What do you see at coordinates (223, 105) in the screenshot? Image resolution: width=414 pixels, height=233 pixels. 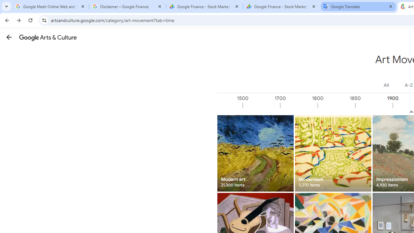 I see `'1000'` at bounding box center [223, 105].